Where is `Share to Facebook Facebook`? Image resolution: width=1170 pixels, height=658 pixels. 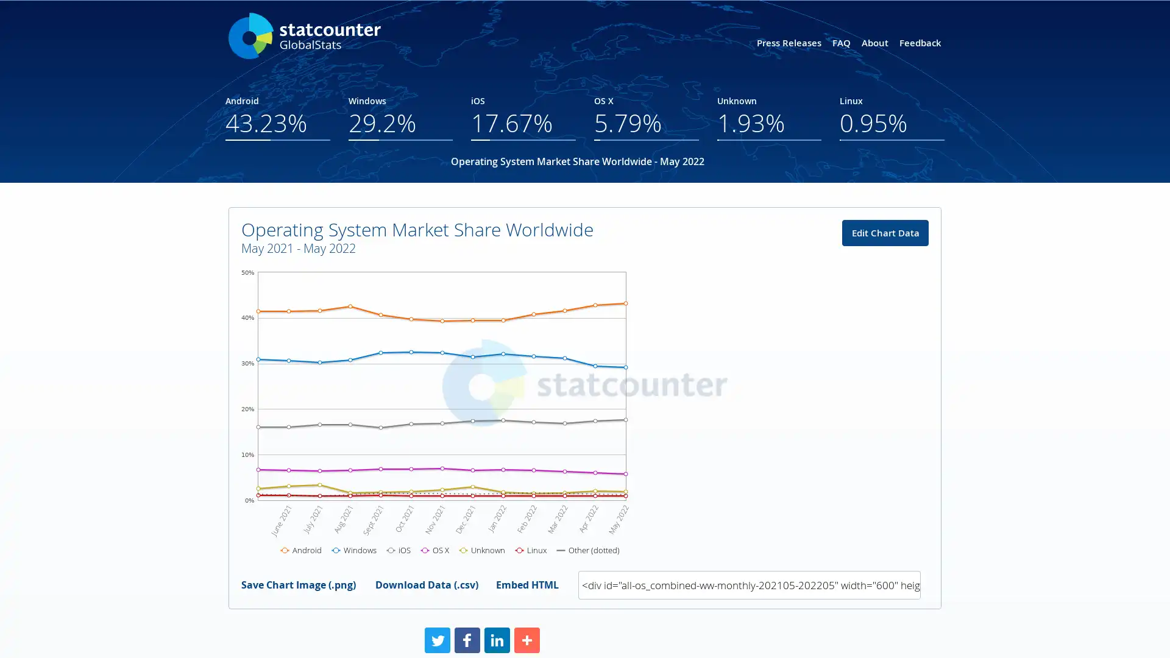 Share to Facebook Facebook is located at coordinates (522, 639).